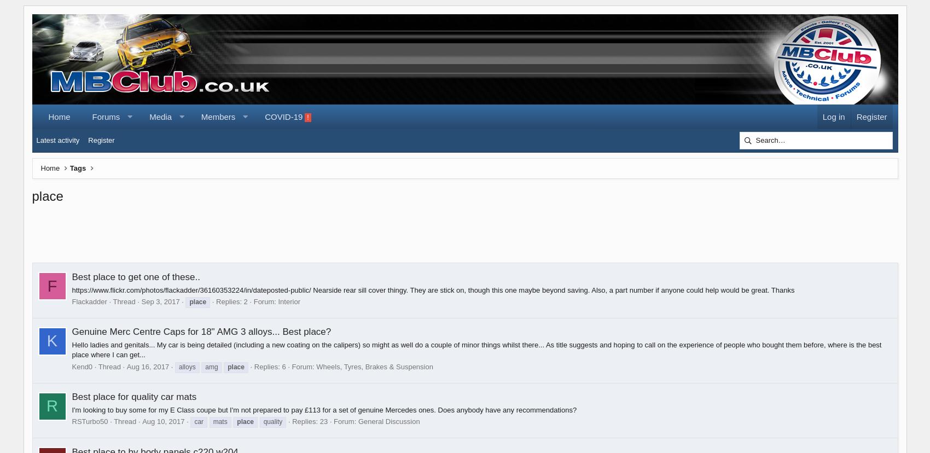 The width and height of the screenshot is (930, 453). What do you see at coordinates (264, 117) in the screenshot?
I see `'COVID-19'` at bounding box center [264, 117].